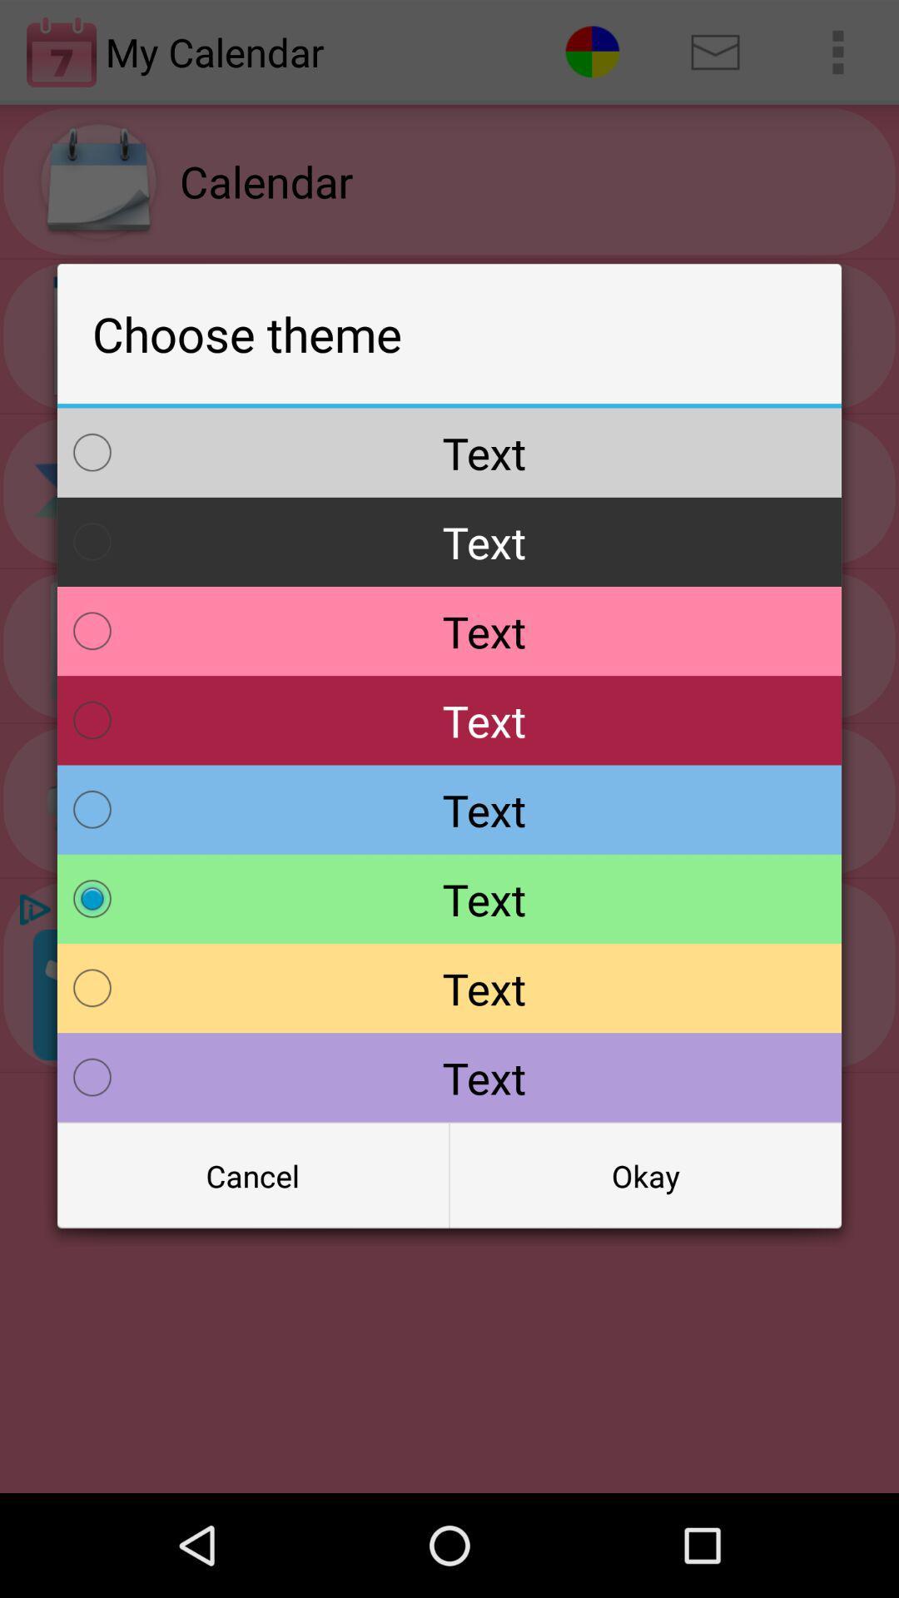  Describe the element at coordinates (253, 1174) in the screenshot. I see `the icon at the bottom left corner` at that location.